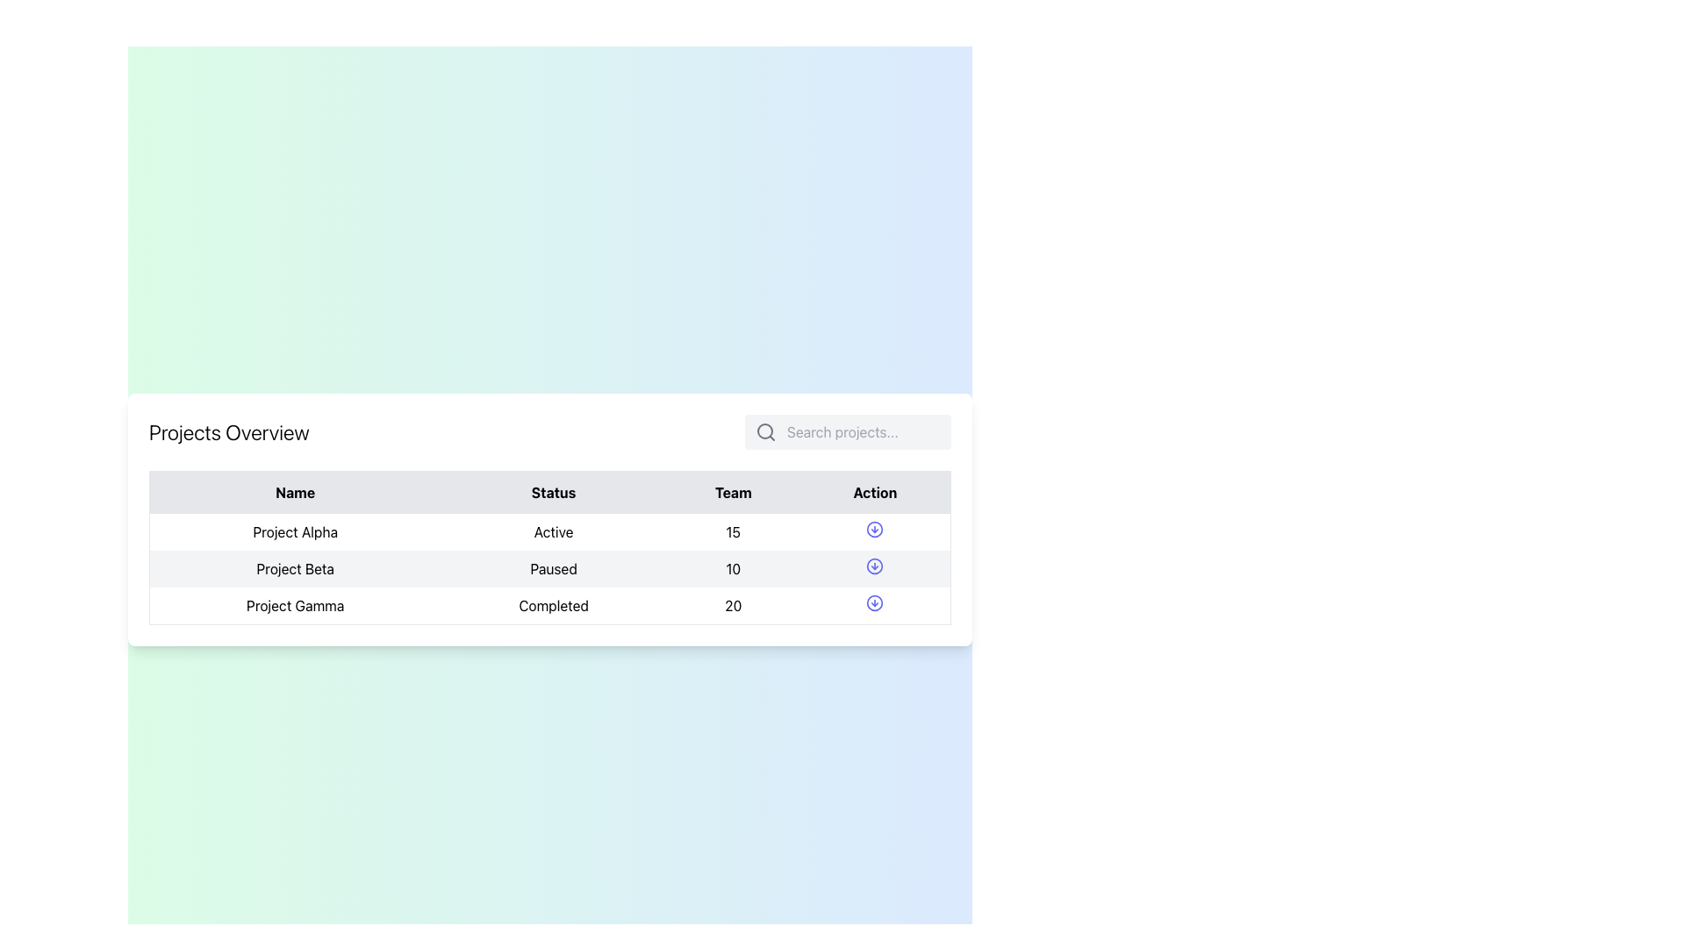 The width and height of the screenshot is (1685, 947). What do you see at coordinates (875, 602) in the screenshot?
I see `the circular icon with a blue stroke located in the 'Action' column of the last row of the table under the 'Projects Overview' section, associated with 'Project Gamma'` at bounding box center [875, 602].